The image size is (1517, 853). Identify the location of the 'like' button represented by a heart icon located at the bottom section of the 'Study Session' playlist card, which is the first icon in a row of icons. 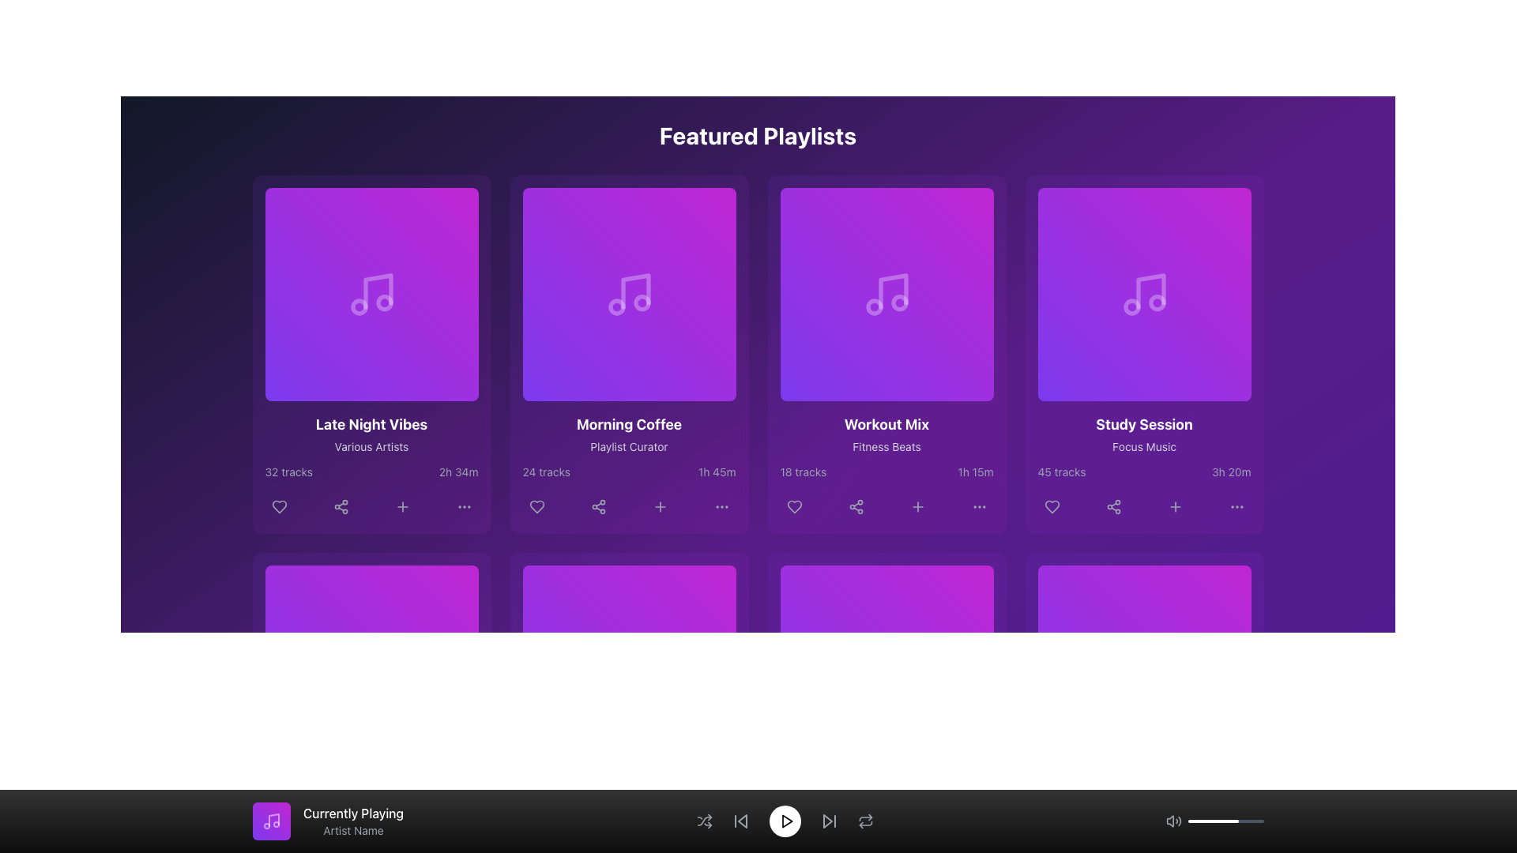
(1052, 506).